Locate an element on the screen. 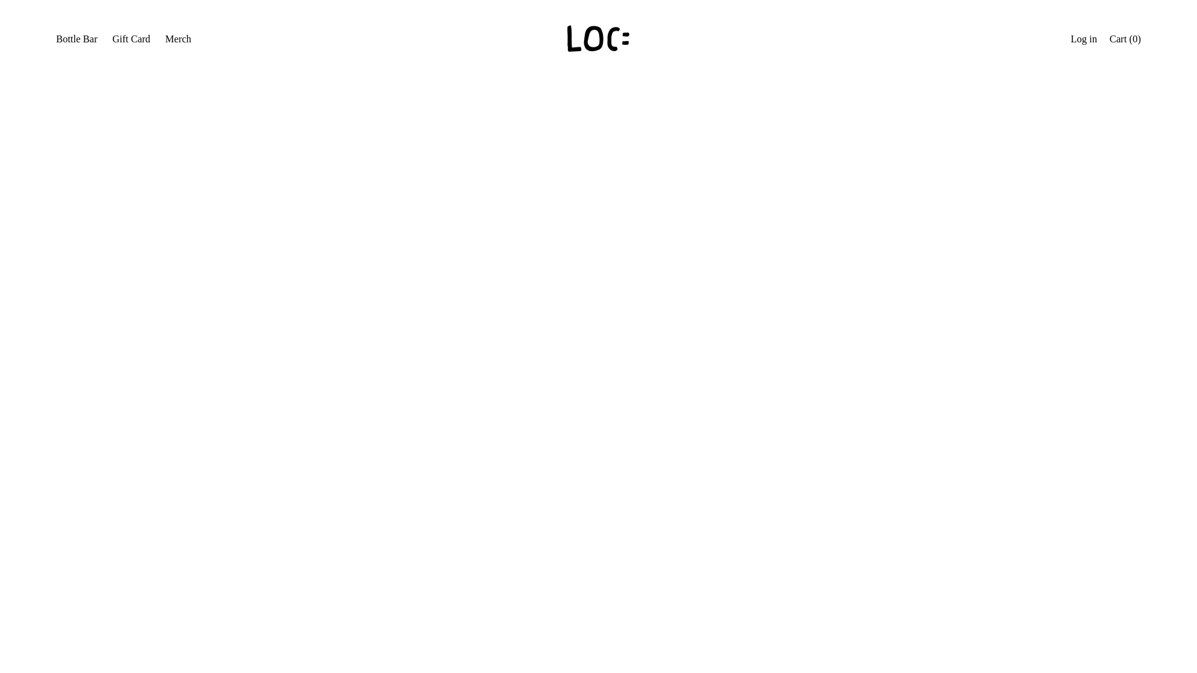  'Merch' is located at coordinates (178, 40).